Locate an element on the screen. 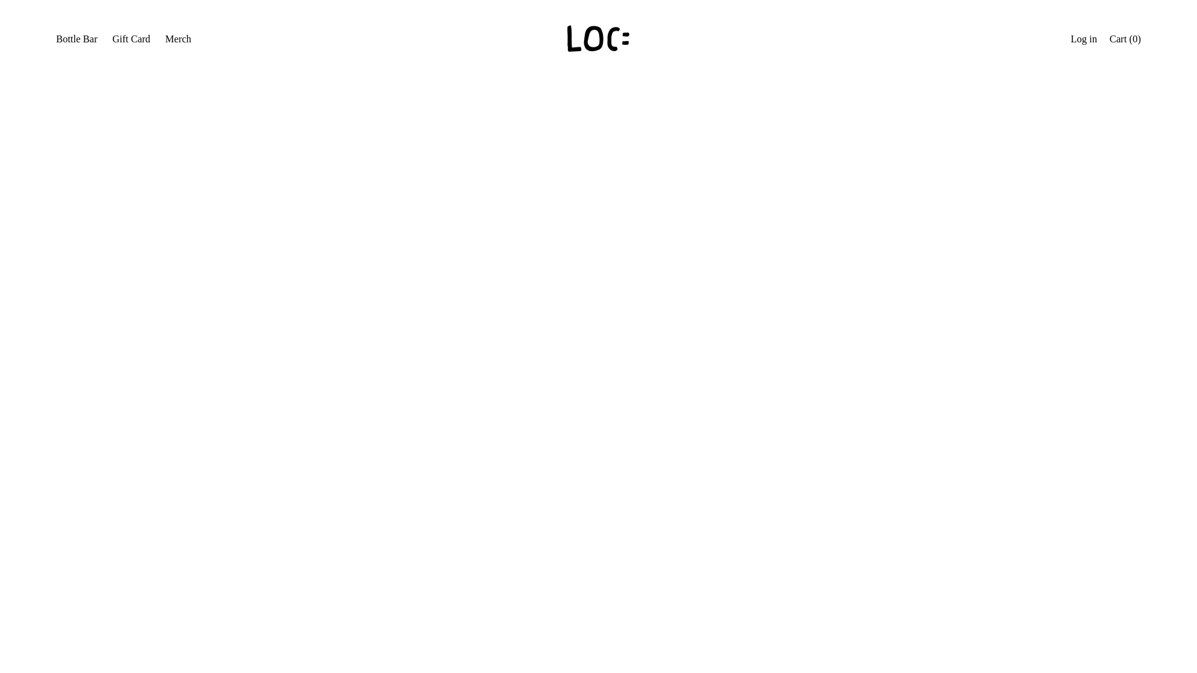  'Merch' is located at coordinates (178, 40).